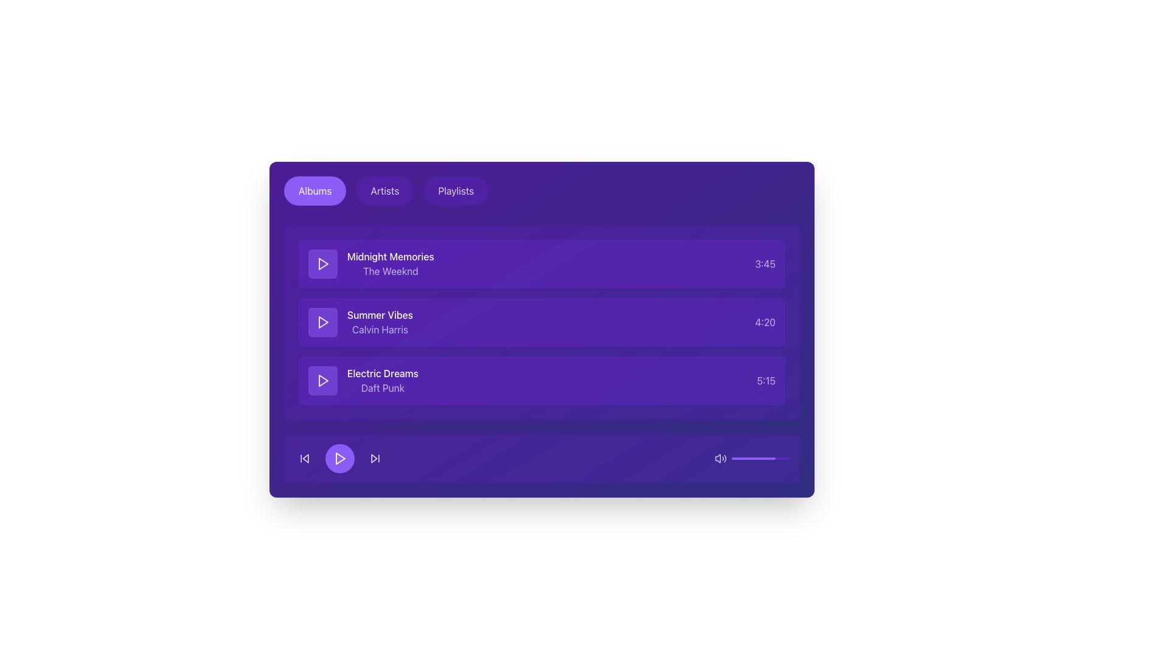 This screenshot has height=657, width=1168. Describe the element at coordinates (751, 458) in the screenshot. I see `the volume` at that location.